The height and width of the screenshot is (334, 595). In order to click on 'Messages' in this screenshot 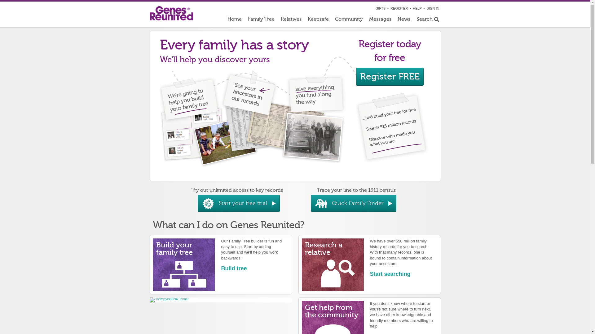, I will do `click(366, 20)`.